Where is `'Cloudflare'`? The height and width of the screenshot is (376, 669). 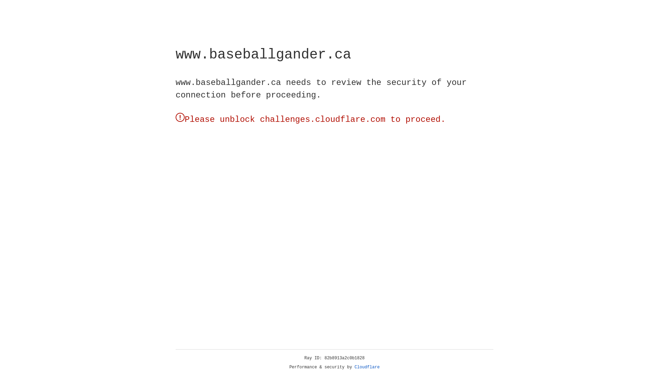
'Cloudflare' is located at coordinates (367, 367).